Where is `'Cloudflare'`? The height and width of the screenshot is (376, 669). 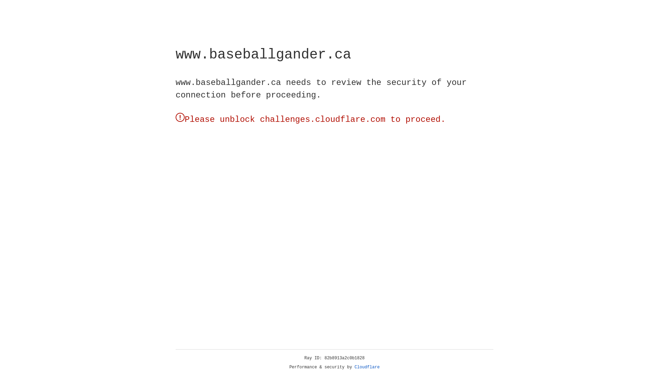
'Cloudflare' is located at coordinates (367, 367).